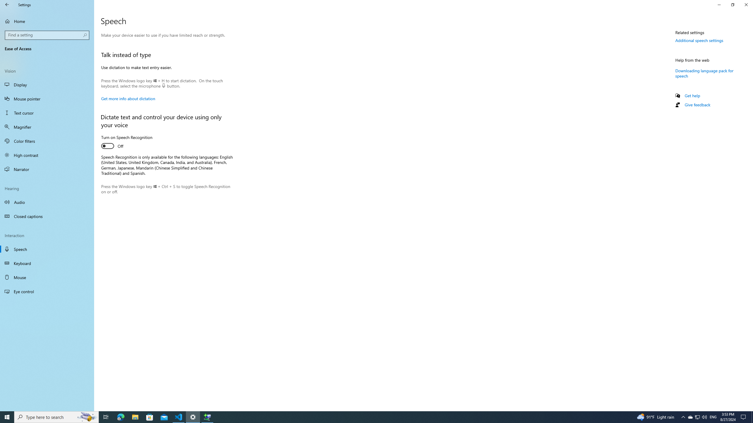 This screenshot has width=753, height=423. I want to click on 'Color filters', so click(47, 141).